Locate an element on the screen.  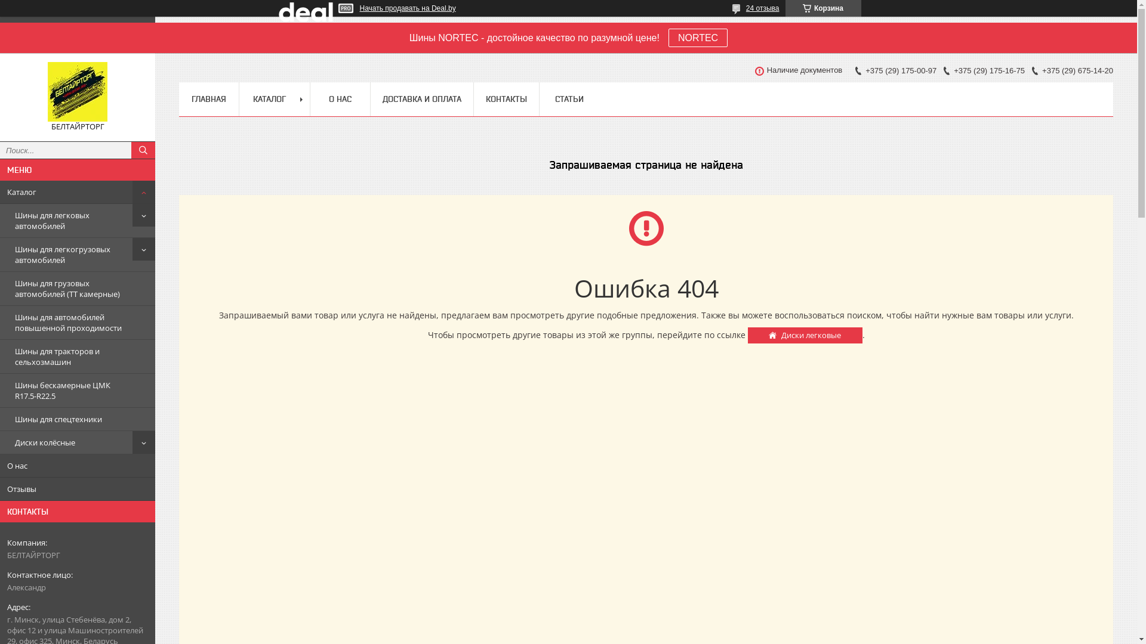
'NORTEC' is located at coordinates (698, 37).